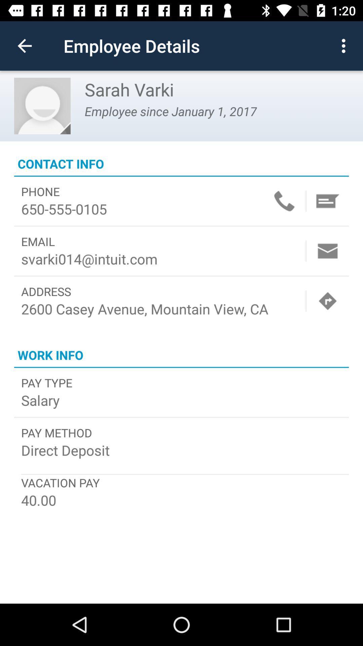  I want to click on the avatar icon, so click(42, 106).